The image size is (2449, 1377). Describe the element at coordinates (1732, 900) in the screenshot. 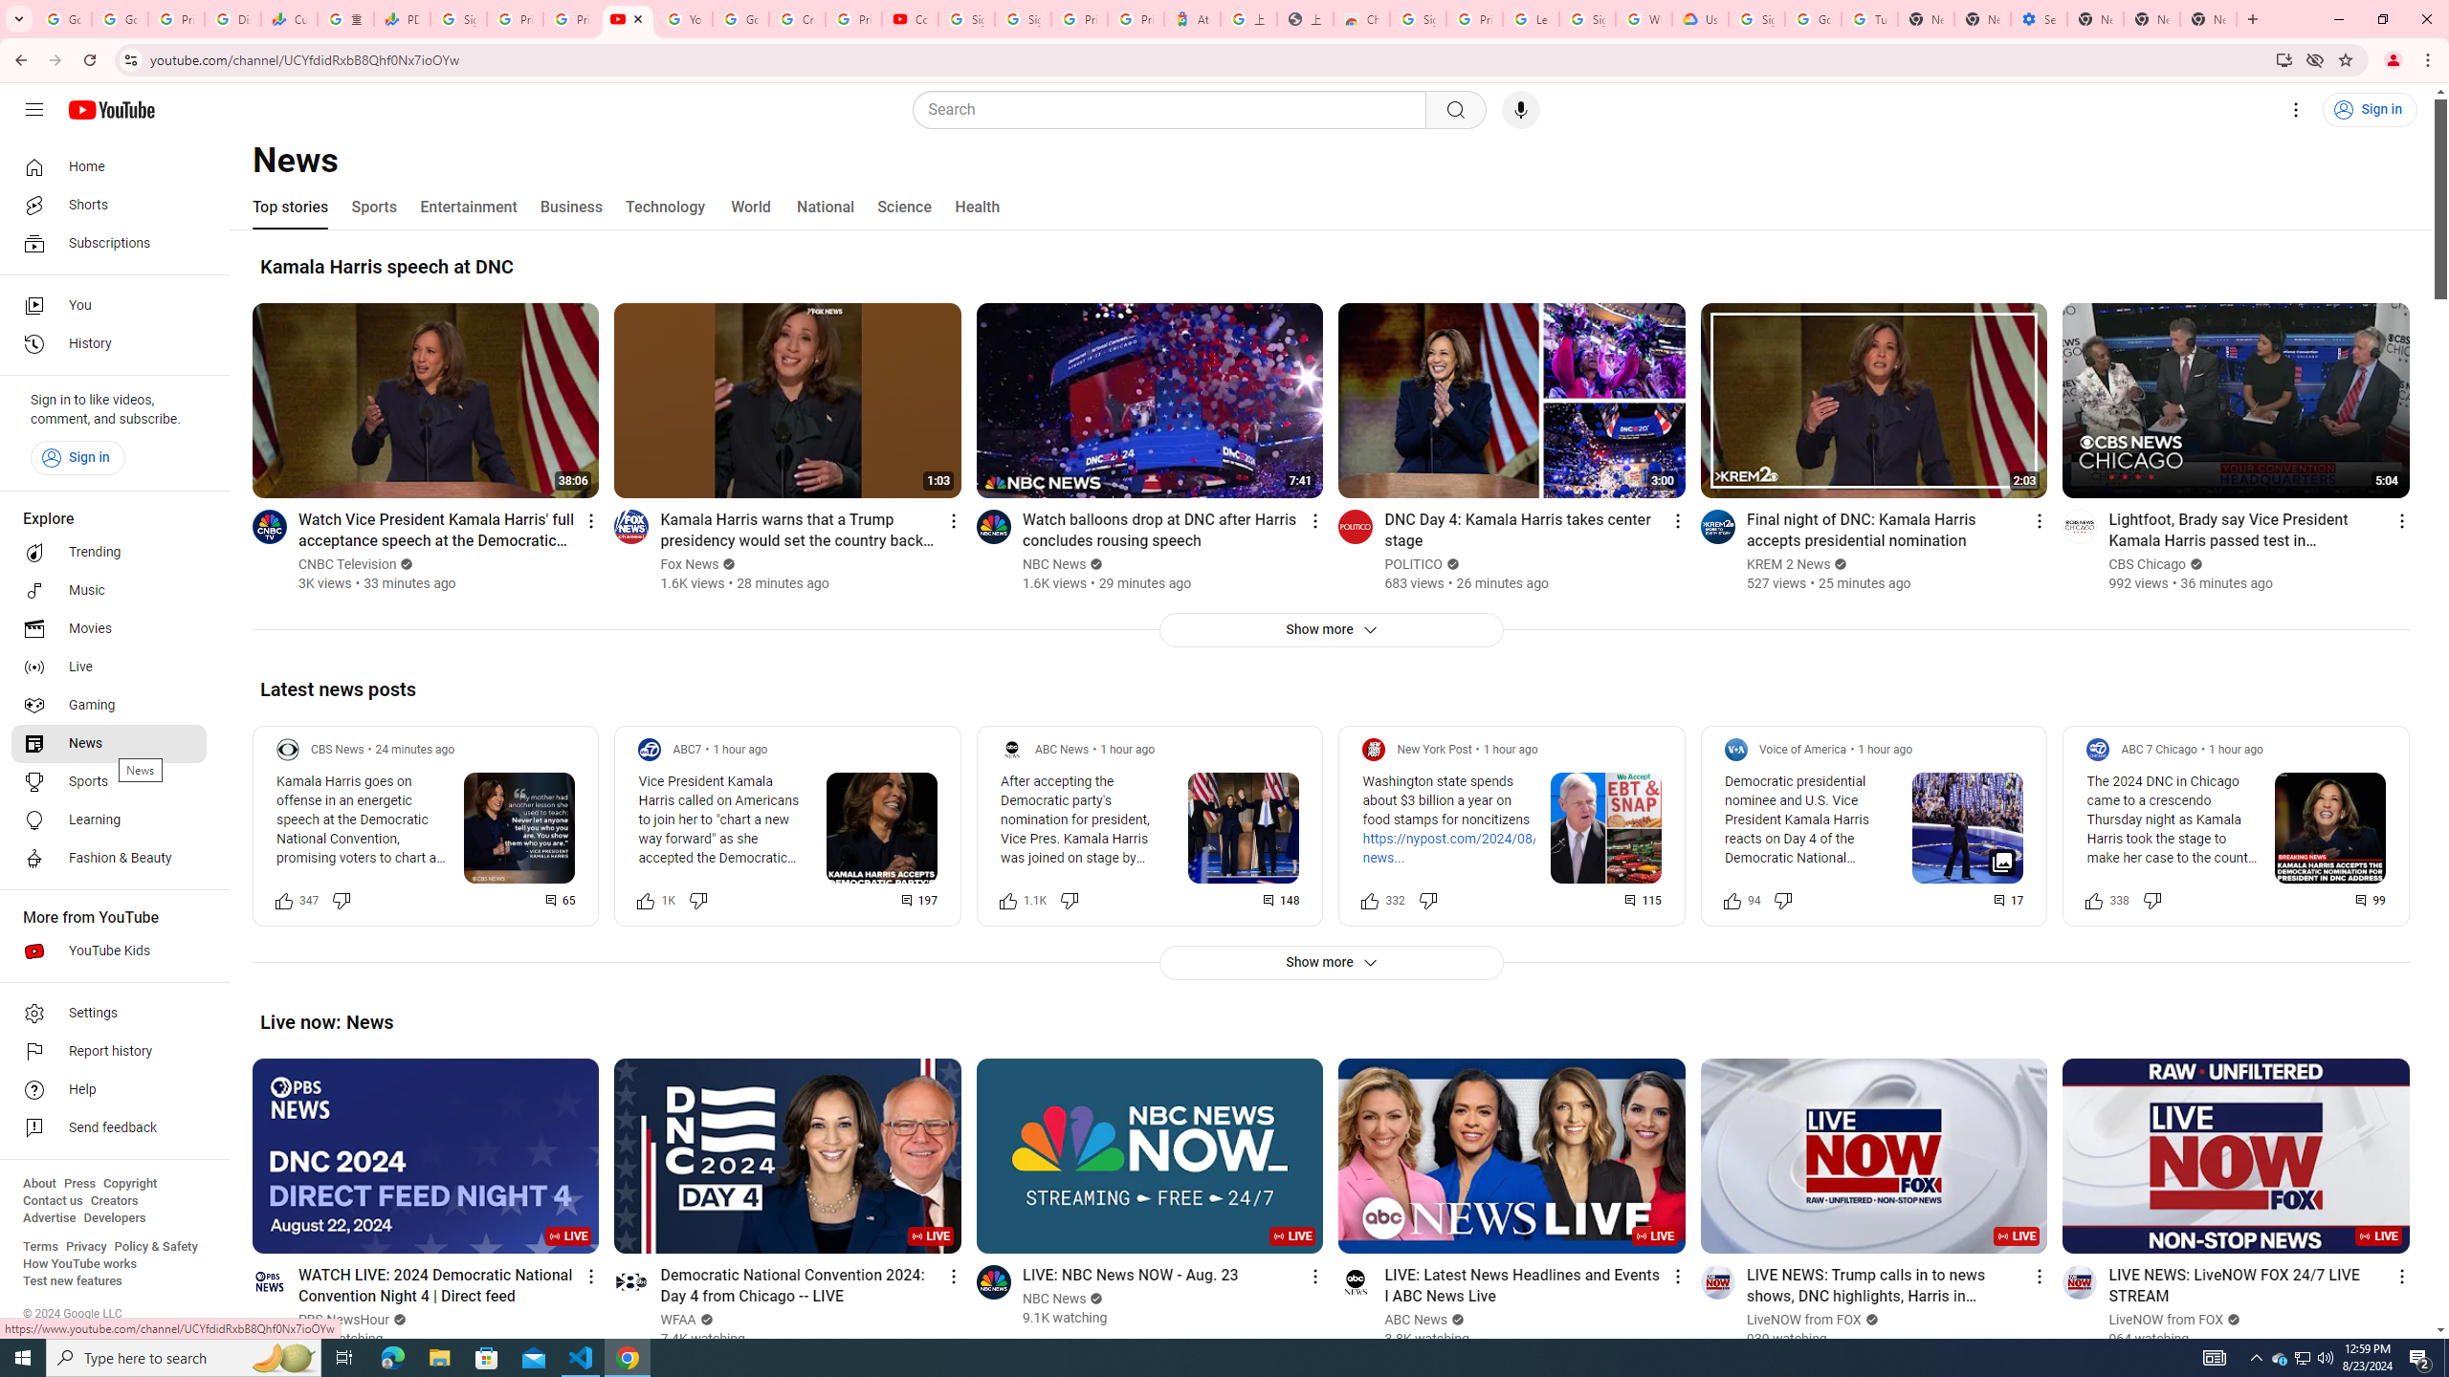

I see `'Like this post along with 94 other people'` at that location.